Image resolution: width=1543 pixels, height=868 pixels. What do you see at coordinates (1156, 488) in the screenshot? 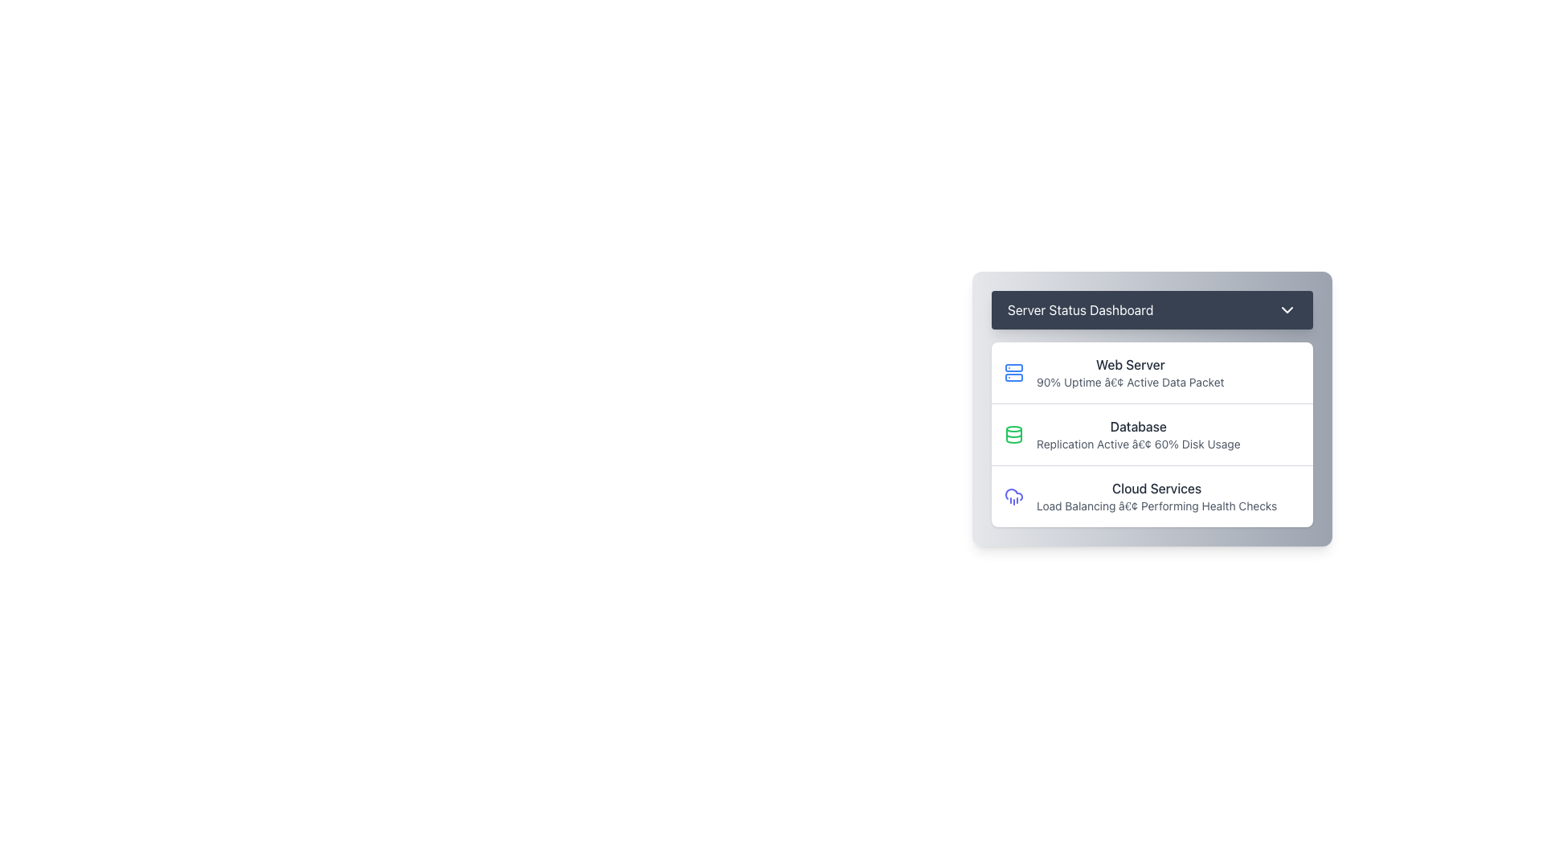
I see `the 'Cloud Services' text label, which is prominently displayed in bold dark gray font within the 'Server Status Dashboard' card, located above the description text 'Load Balancing • Performing Health Checks'` at bounding box center [1156, 488].